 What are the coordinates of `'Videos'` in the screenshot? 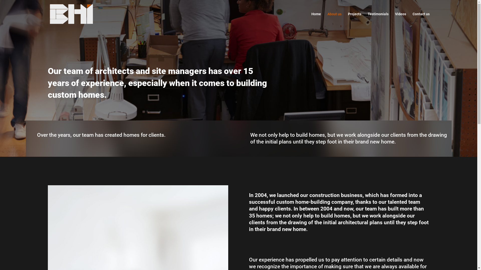 It's located at (400, 20).